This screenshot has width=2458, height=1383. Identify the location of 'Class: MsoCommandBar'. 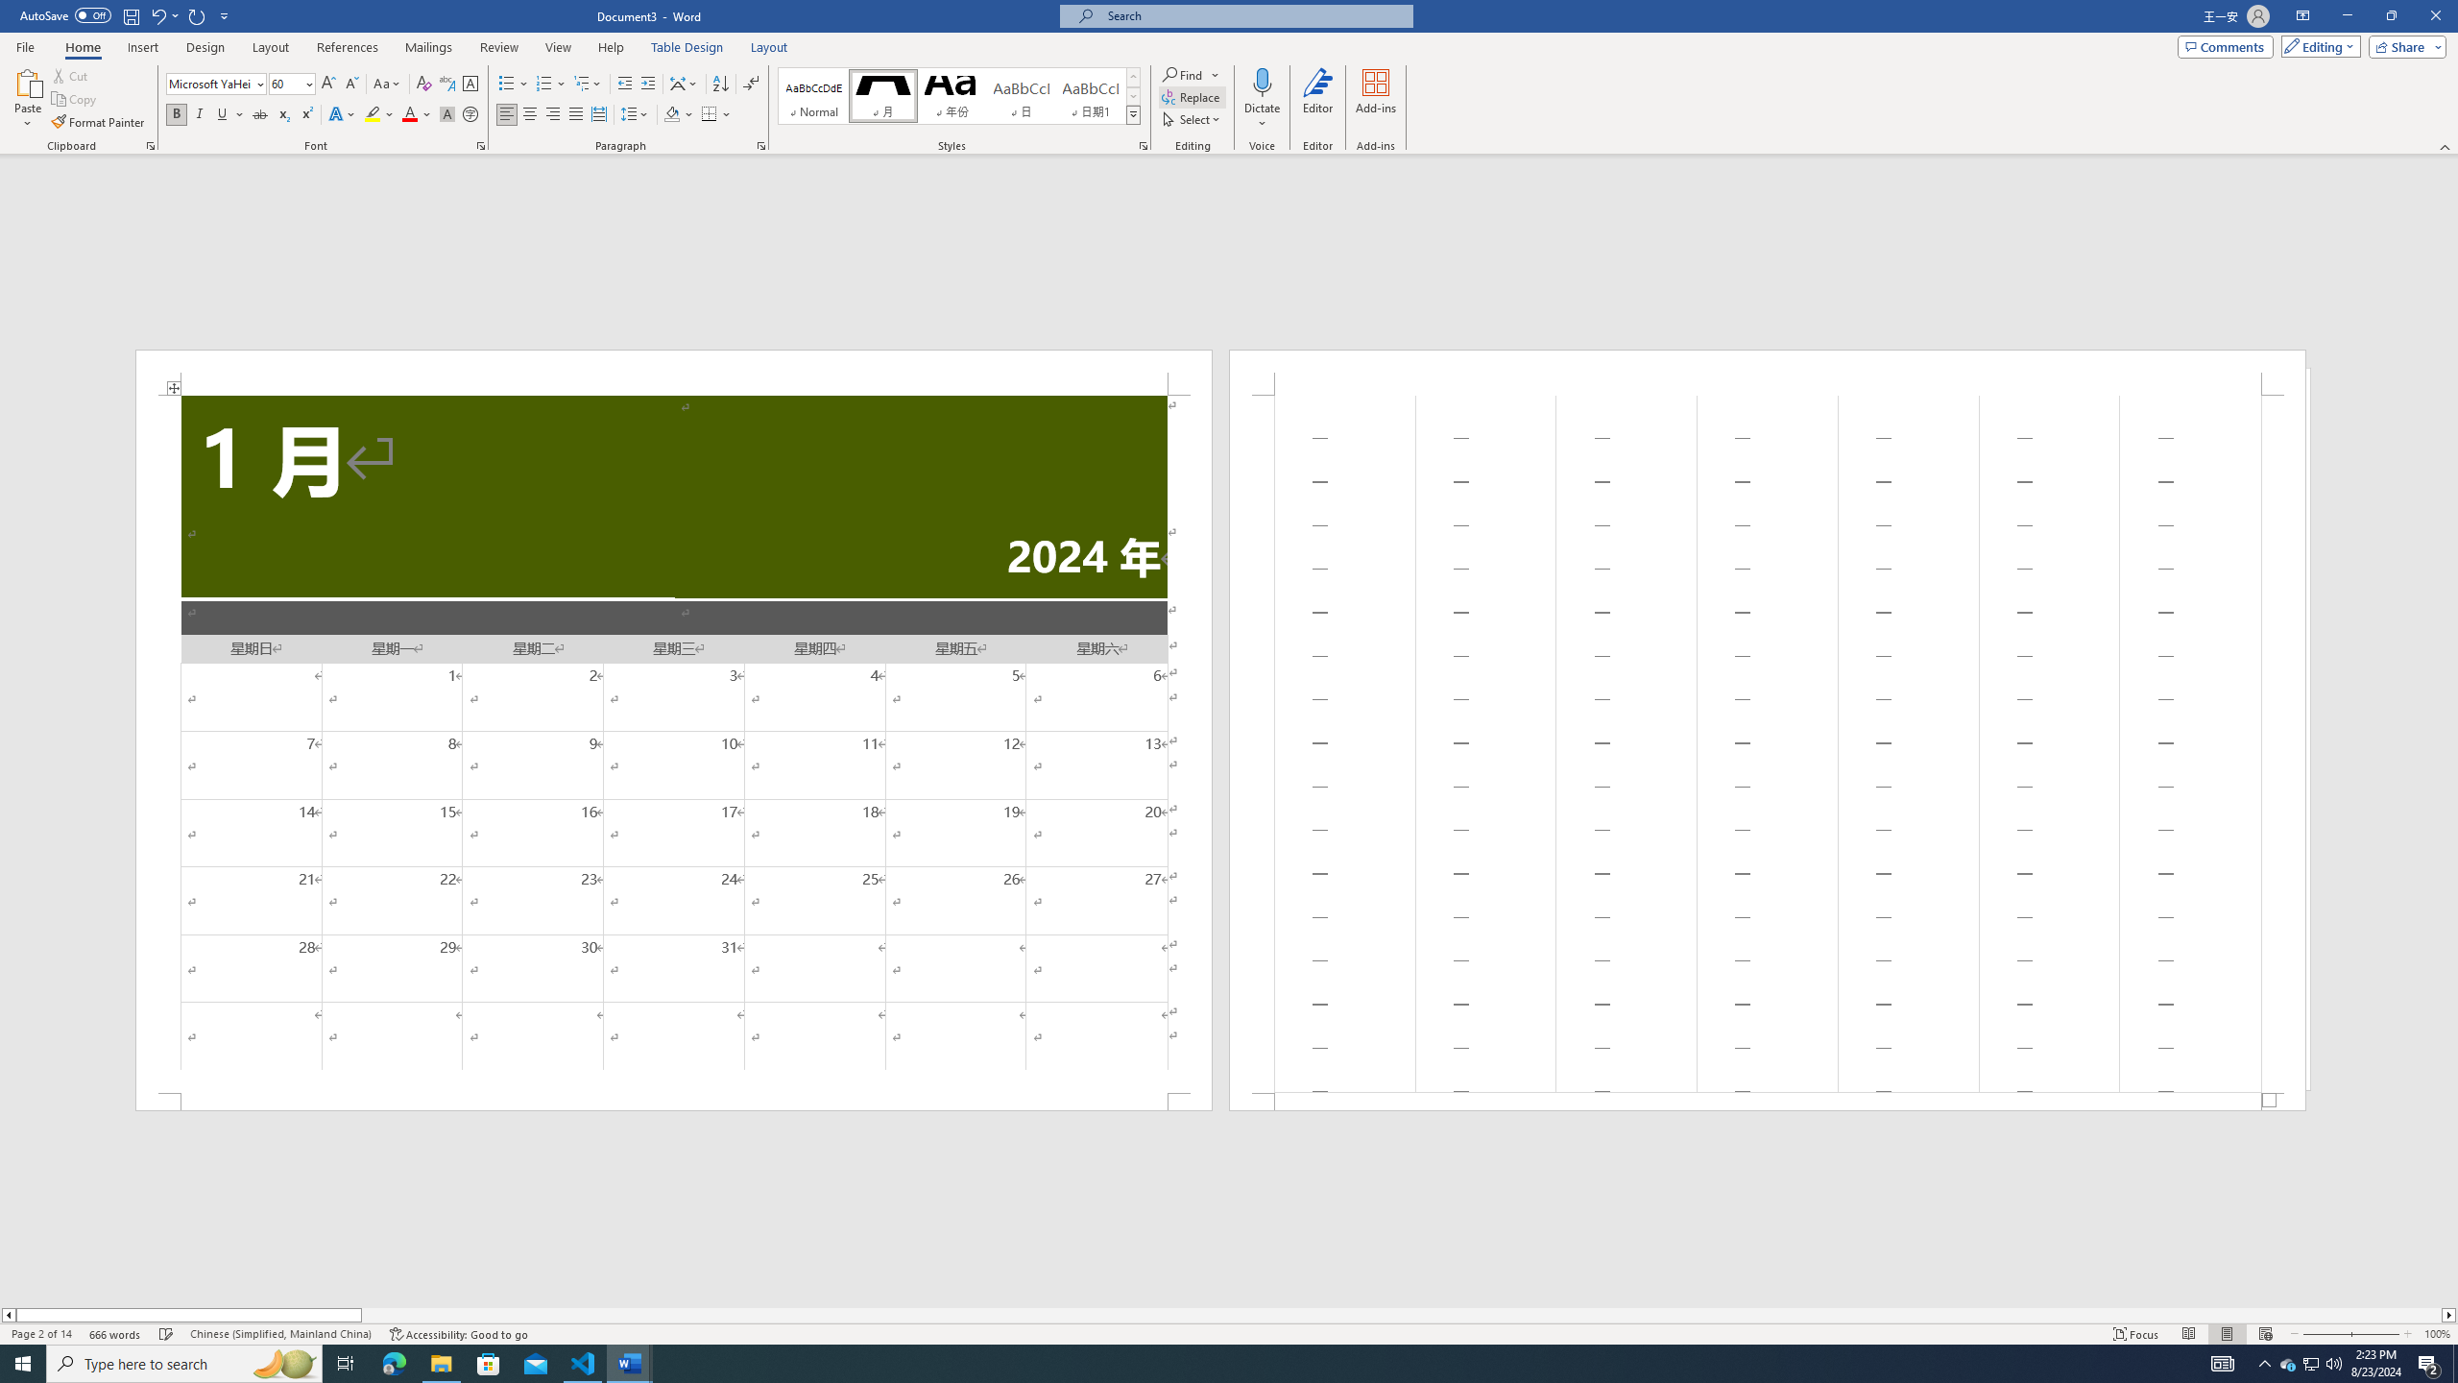
(1229, 1332).